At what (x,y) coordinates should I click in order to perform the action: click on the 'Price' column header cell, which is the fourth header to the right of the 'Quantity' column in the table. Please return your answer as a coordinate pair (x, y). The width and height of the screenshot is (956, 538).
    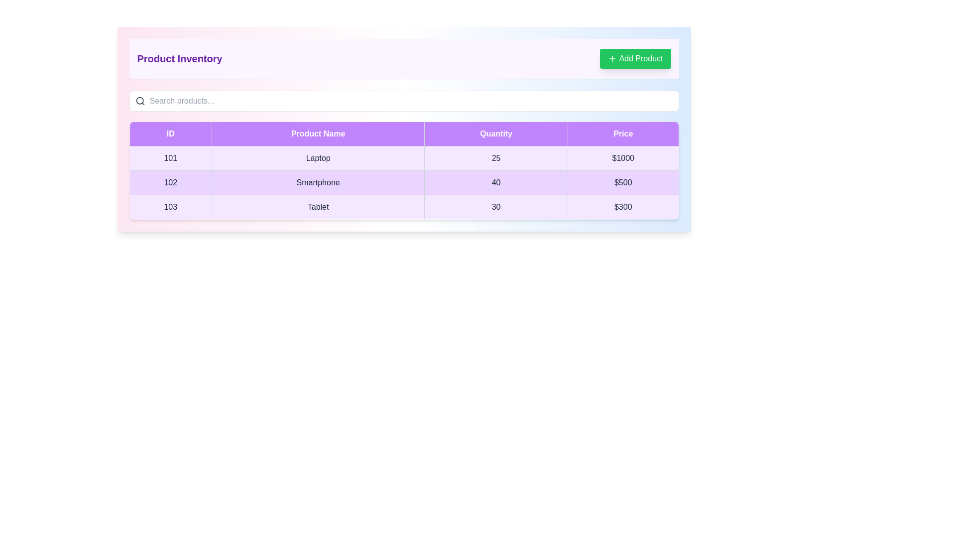
    Looking at the image, I should click on (622, 134).